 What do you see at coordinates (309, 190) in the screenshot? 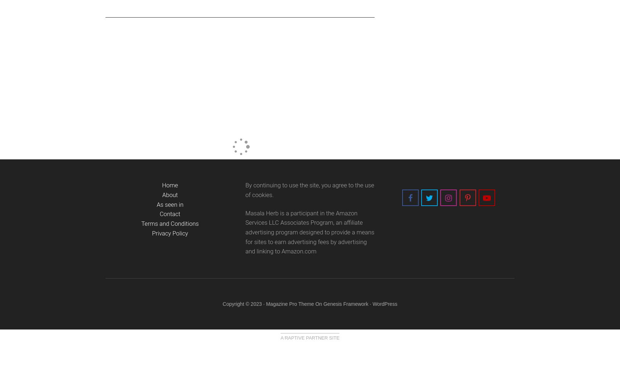
I see `'By continuing to use the site, you agree to the use of cookies.'` at bounding box center [309, 190].